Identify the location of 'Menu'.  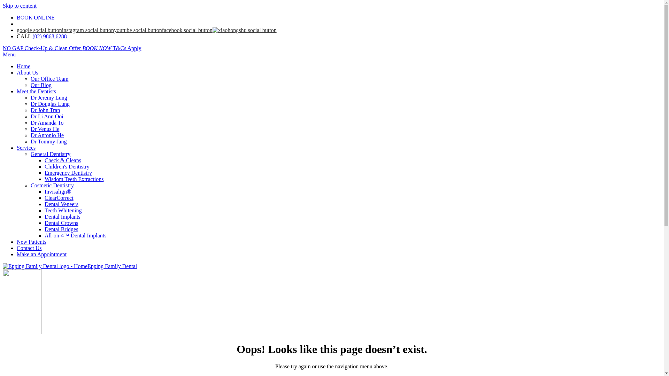
(9, 54).